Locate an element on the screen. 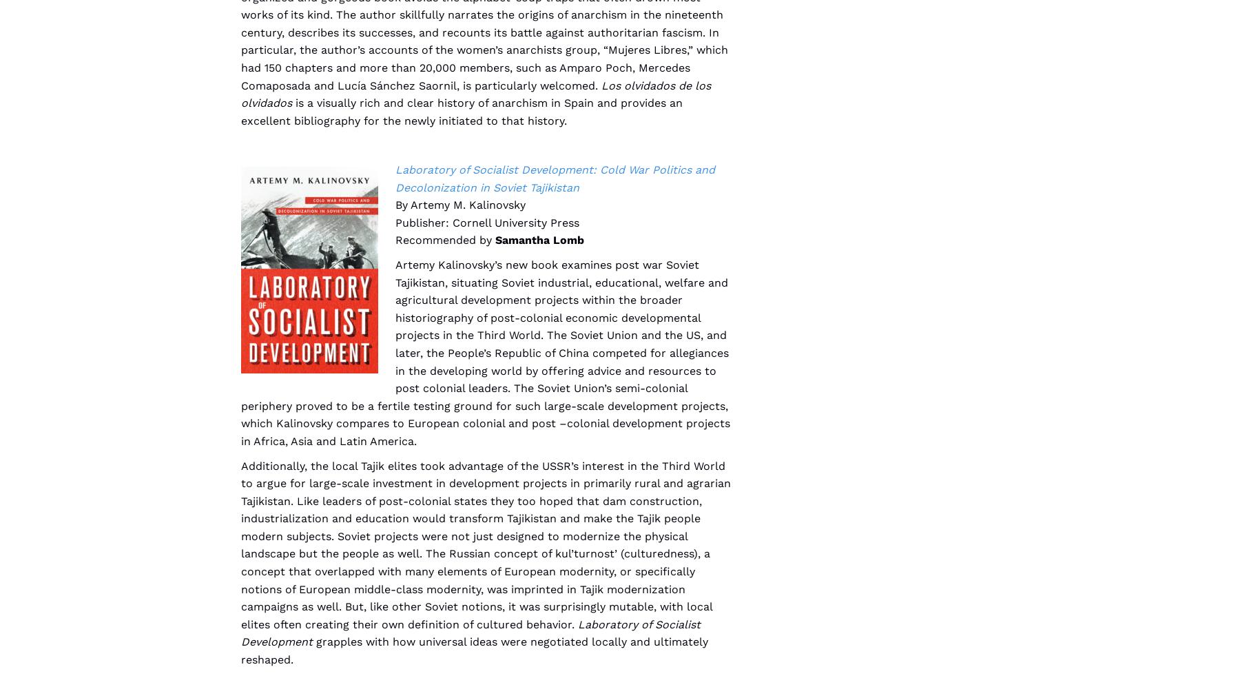  'is a visually rich and clear history of anarchism in Spain and provides an excellent bibliography for the newly initiated to that history.' is located at coordinates (462, 111).